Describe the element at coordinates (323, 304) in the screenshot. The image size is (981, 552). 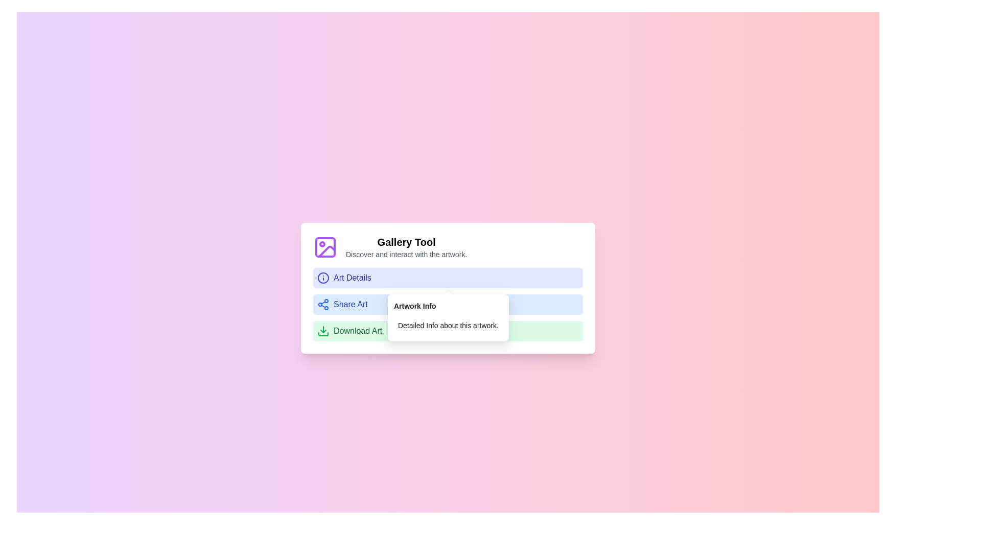
I see `the small, blue-colored share symbol icon located towards the left side of the 'Share Art' button within the 'Gallery Tool' panel` at that location.